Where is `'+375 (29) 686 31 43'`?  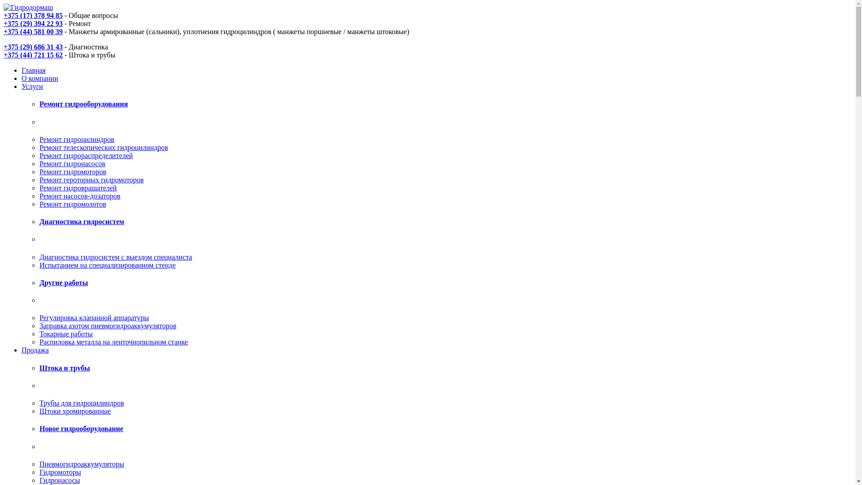
'+375 (29) 686 31 43' is located at coordinates (33, 47).